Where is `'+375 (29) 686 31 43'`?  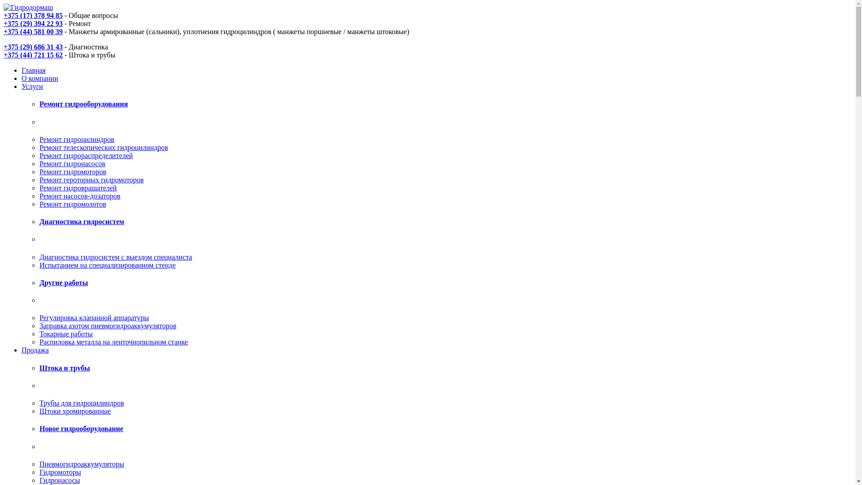
'+375 (29) 686 31 43' is located at coordinates (33, 47).